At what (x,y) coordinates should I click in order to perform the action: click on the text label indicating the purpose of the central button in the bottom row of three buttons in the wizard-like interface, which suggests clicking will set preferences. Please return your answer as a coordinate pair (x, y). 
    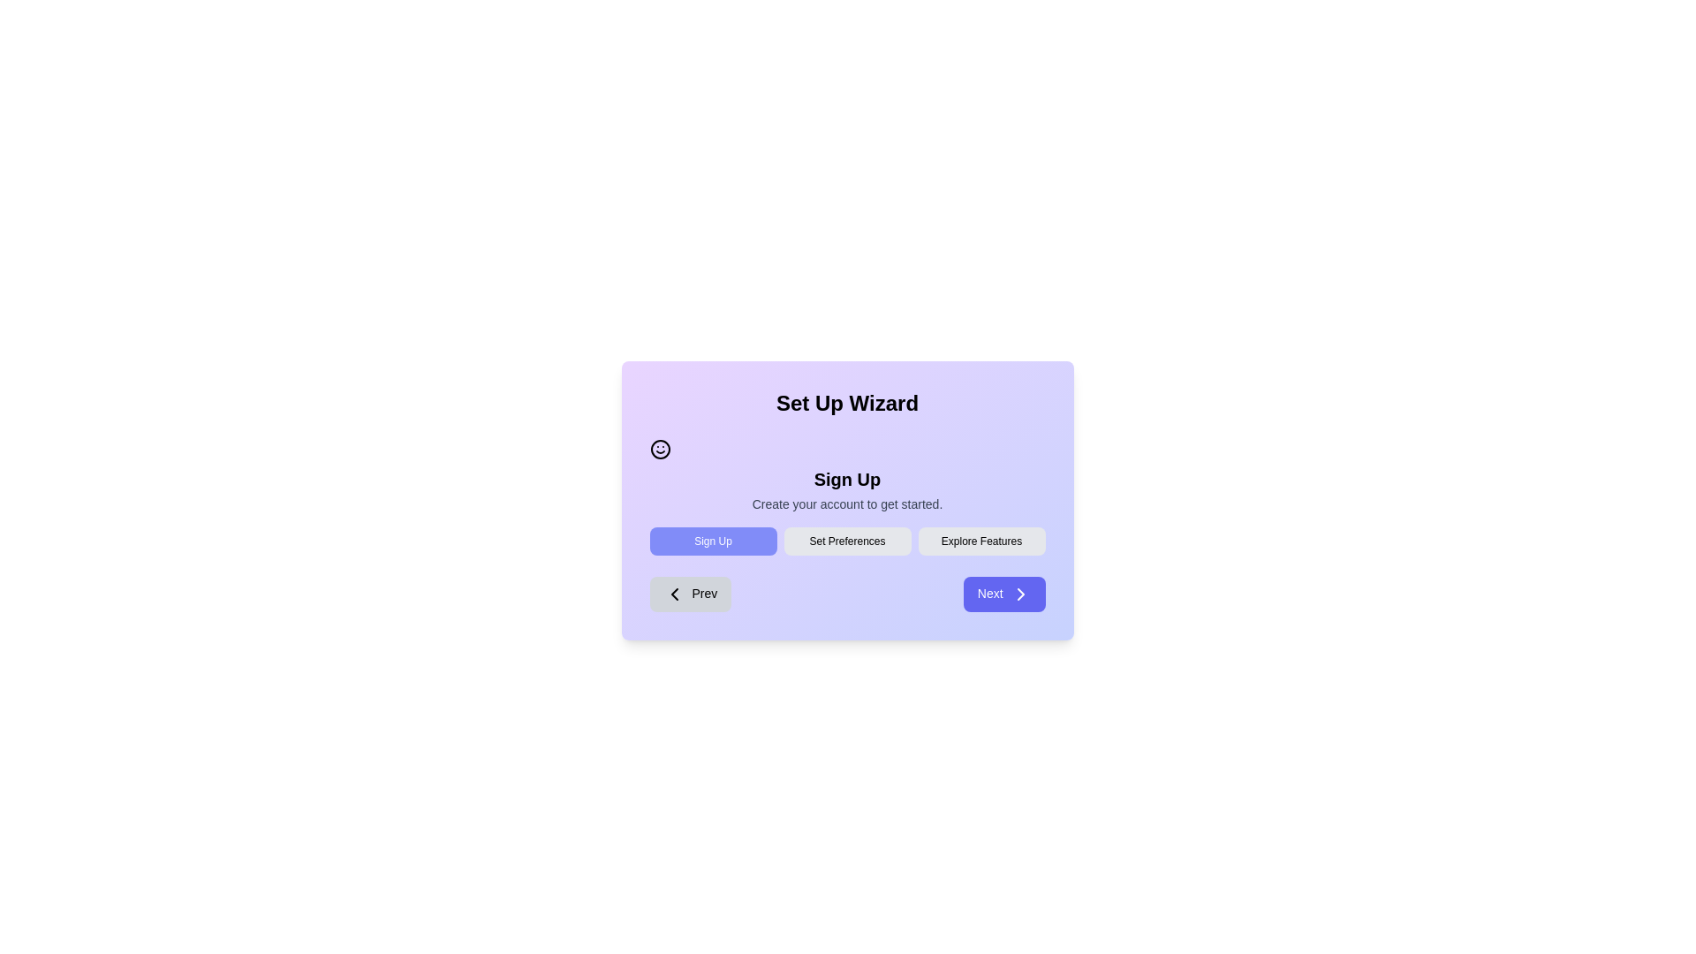
    Looking at the image, I should click on (846, 541).